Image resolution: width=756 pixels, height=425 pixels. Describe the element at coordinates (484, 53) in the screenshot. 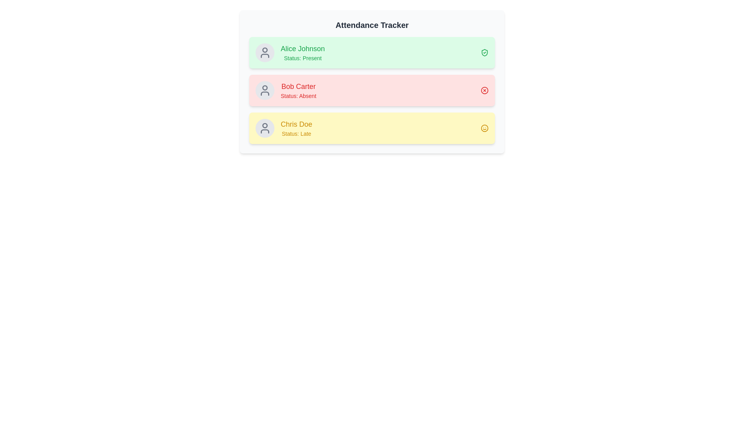

I see `the 'present' status indication represented by the SVG graphic for Alice Johnson, located at the top right corner of her list item` at that location.